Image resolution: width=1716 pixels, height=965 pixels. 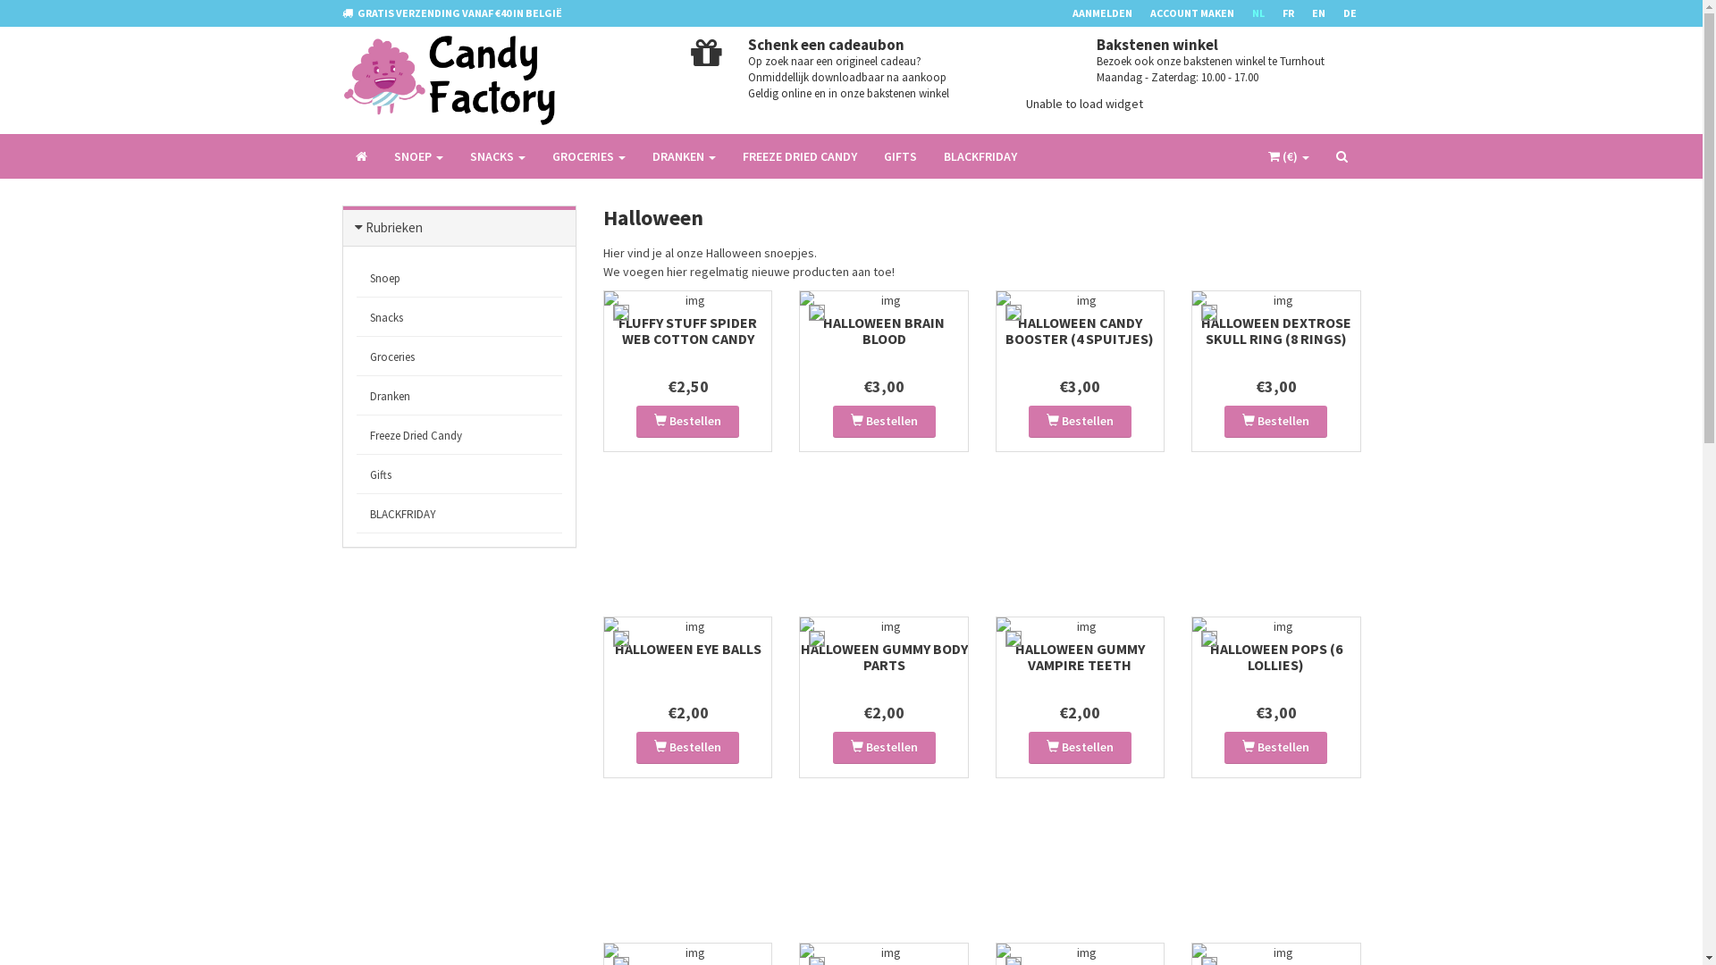 What do you see at coordinates (1110, 13) in the screenshot?
I see `'AANMELDEN'` at bounding box center [1110, 13].